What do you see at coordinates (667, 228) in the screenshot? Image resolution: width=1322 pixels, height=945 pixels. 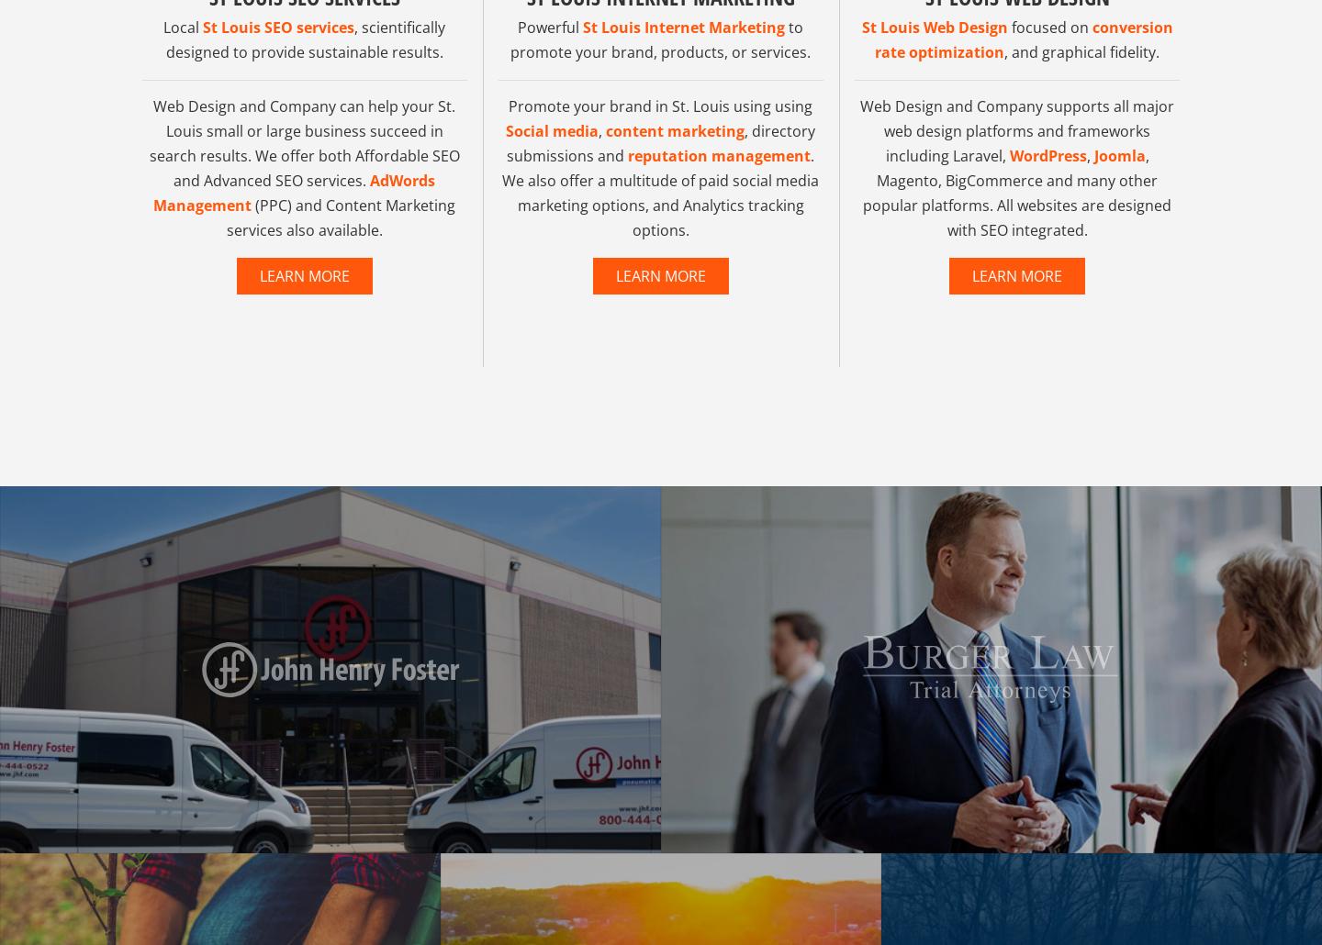 I see `'. We also offer a multitude of paid social media marketing options, and Analytics tracking options.'` at bounding box center [667, 228].